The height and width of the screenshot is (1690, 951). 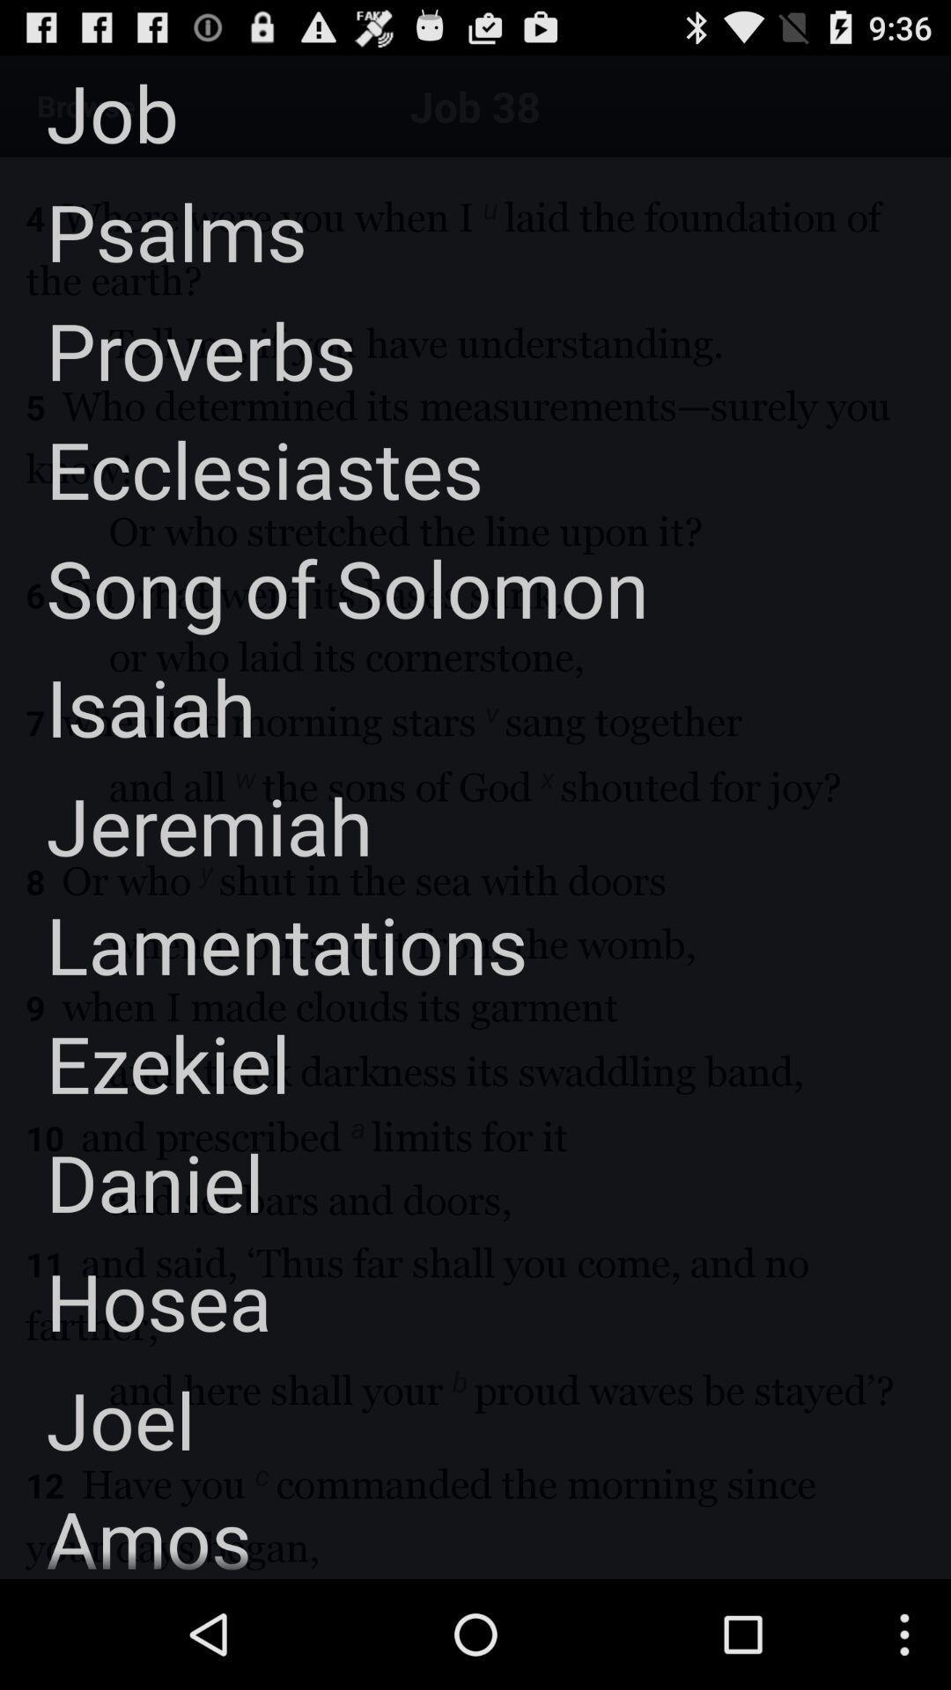 What do you see at coordinates (241, 468) in the screenshot?
I see `the ecclesiastes item` at bounding box center [241, 468].